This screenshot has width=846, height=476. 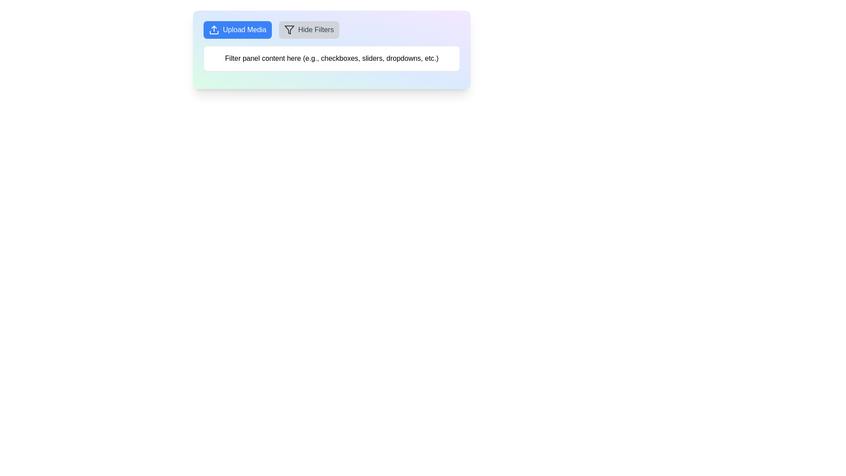 What do you see at coordinates (309, 30) in the screenshot?
I see `the 'Hide Filters' button, which features a light gray background, rounded edges, and contains a funnel icon followed by the text 'Hide Filters'` at bounding box center [309, 30].